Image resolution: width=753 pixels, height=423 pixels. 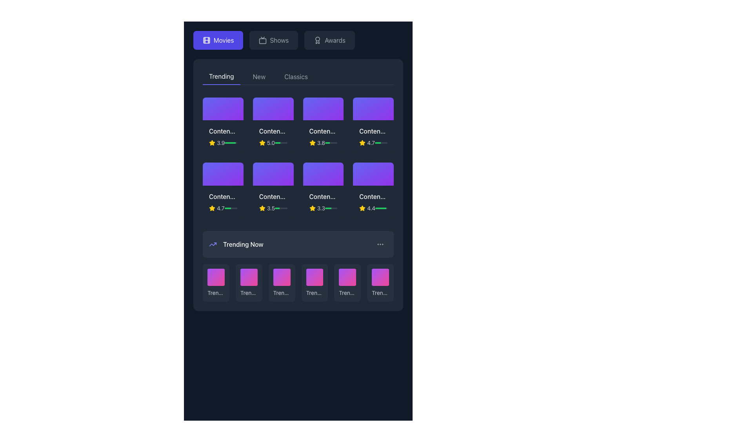 What do you see at coordinates (347, 277) in the screenshot?
I see `the Decorative placeholder or thumbnail in the 'Trending Now' section, which is a square-shaped gradient-filled figure transitioning from purple to pink, located in the fifth position of the bottom carousel` at bounding box center [347, 277].